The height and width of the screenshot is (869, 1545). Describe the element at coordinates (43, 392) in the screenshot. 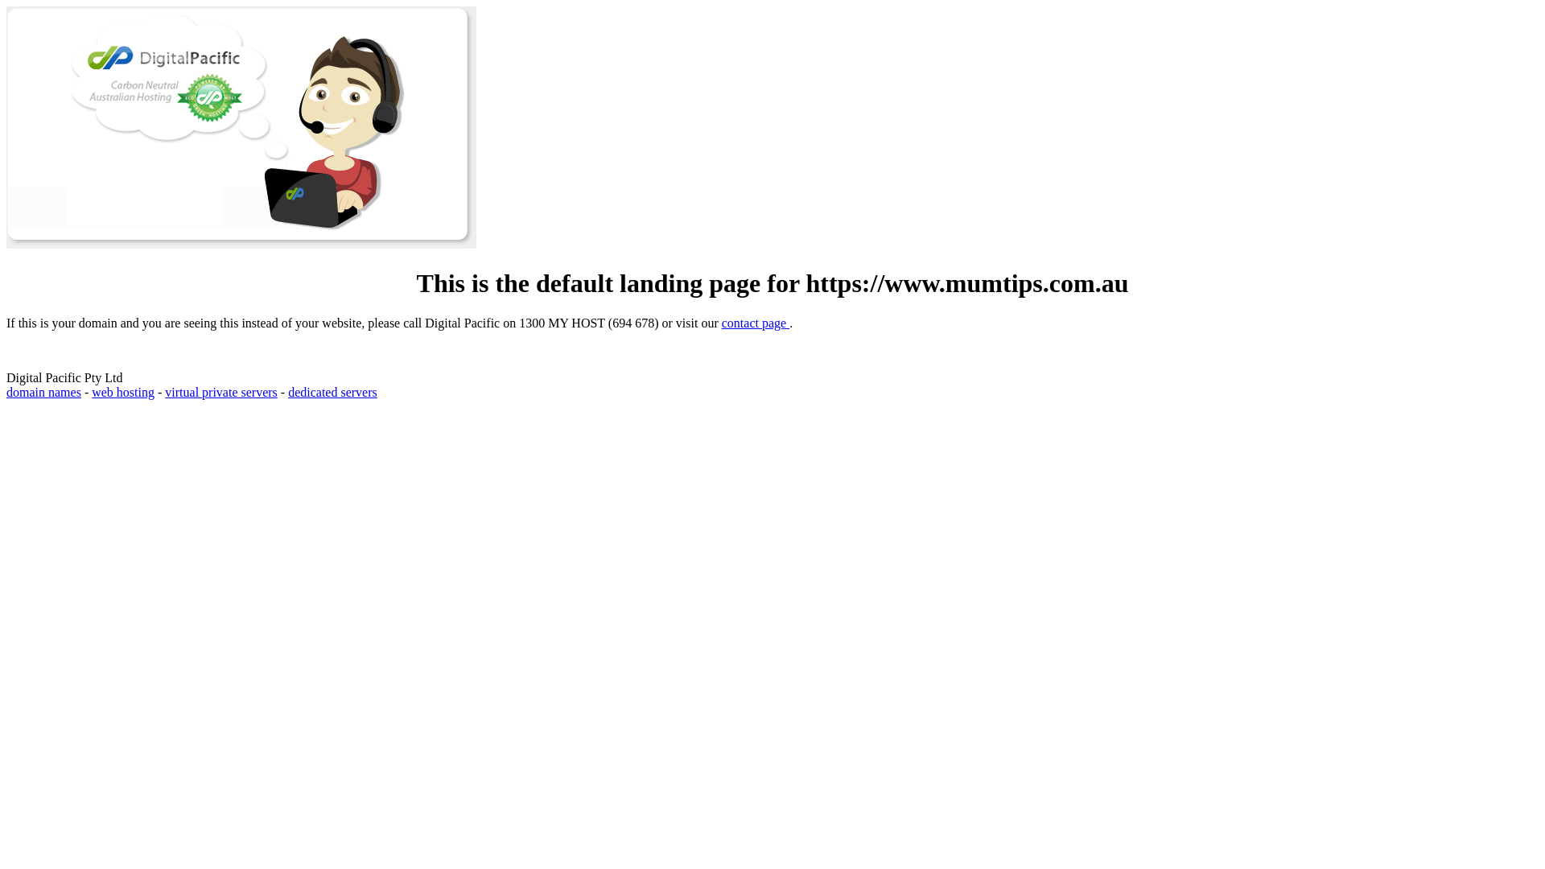

I see `'domain names'` at that location.